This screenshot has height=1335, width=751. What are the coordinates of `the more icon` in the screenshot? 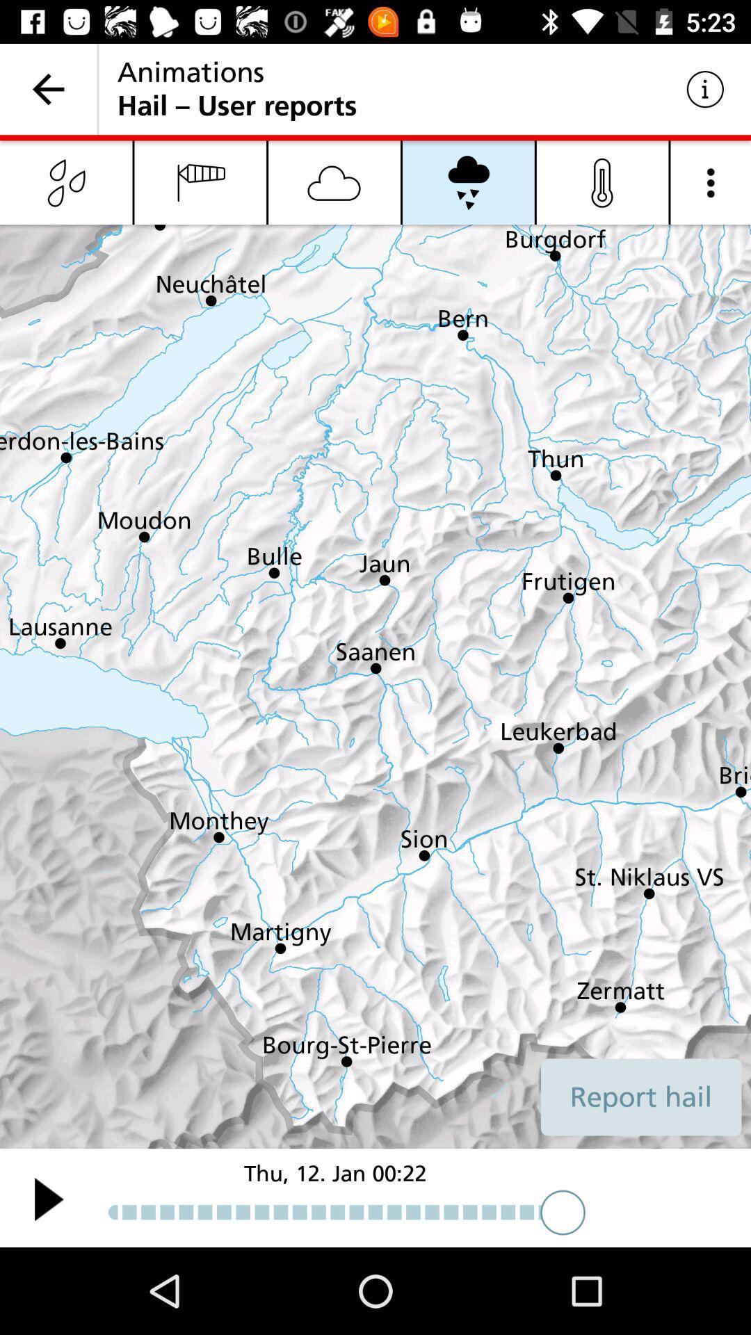 It's located at (711, 181).